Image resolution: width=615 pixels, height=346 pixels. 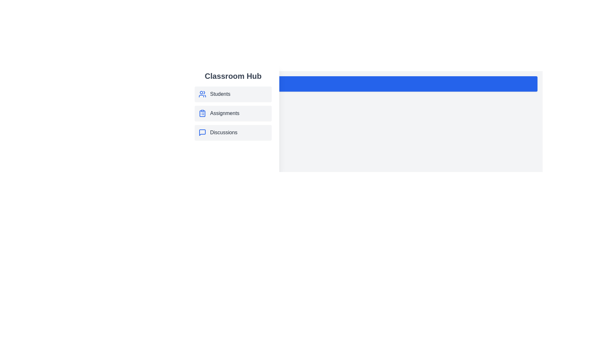 What do you see at coordinates (233, 94) in the screenshot?
I see `the 'Students' section in the drawer` at bounding box center [233, 94].